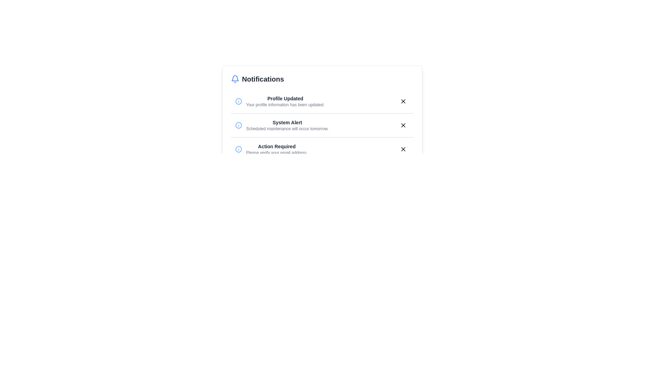  What do you see at coordinates (276, 149) in the screenshot?
I see `the 'Action Required' notification text component, which is the third item in the vertical list of notifications` at bounding box center [276, 149].